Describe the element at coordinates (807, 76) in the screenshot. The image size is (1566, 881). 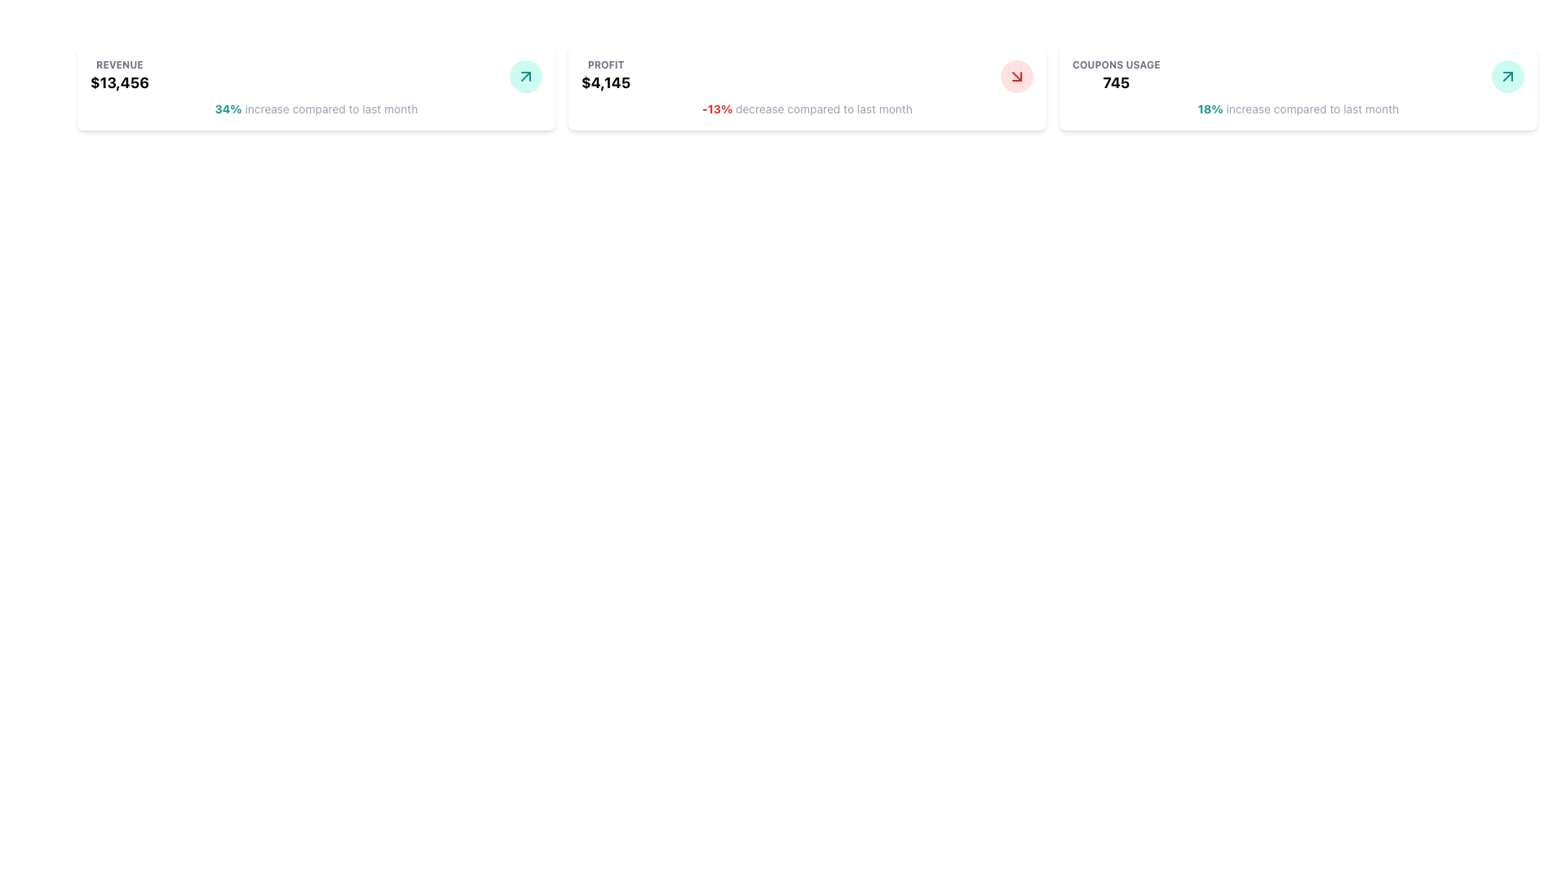
I see `the Display component showcasing statistical information, which features the label 'PROFIT' in gray text and the value '$4,145' in bold black text, along with a circular red arrow icon indicating a negative trend` at that location.